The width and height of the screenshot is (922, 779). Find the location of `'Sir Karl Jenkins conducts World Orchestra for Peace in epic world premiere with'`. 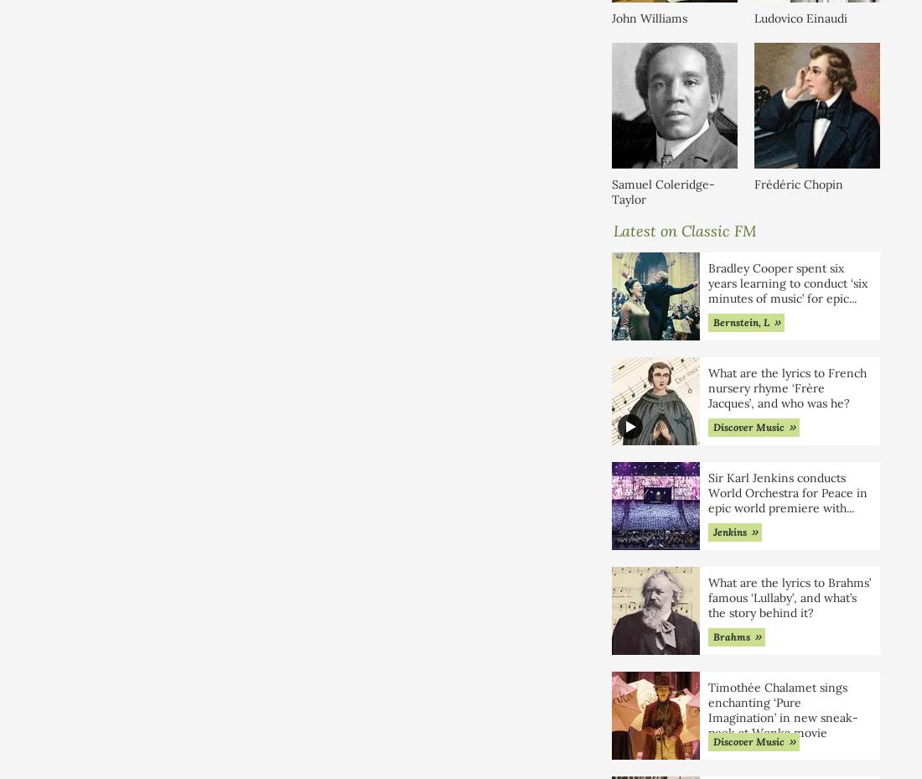

'Sir Karl Jenkins conducts World Orchestra for Peace in epic world premiere with' is located at coordinates (787, 491).